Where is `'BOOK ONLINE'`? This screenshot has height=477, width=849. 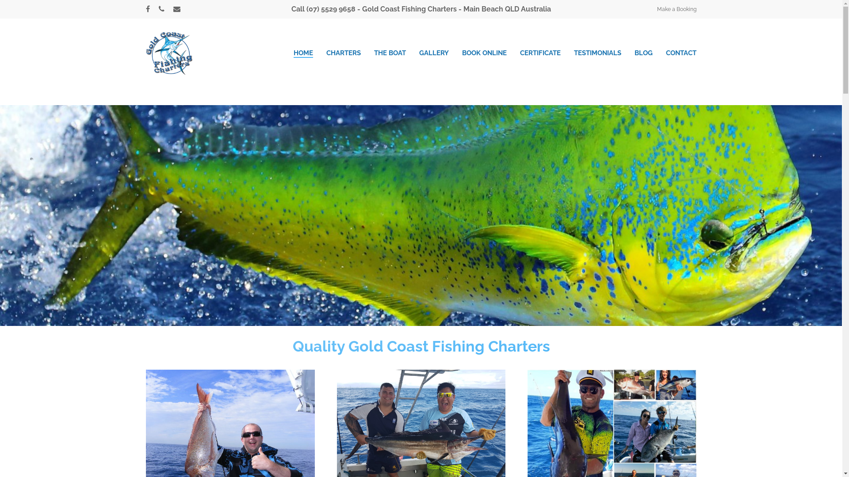
'BOOK ONLINE' is located at coordinates (462, 53).